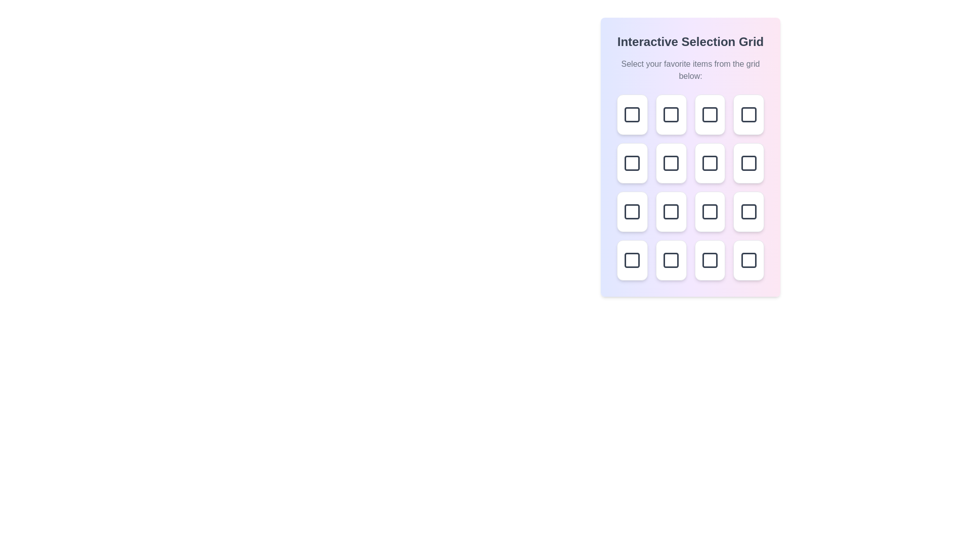 This screenshot has width=971, height=546. What do you see at coordinates (632, 260) in the screenshot?
I see `the small square located in the fourth row and third column of the 4x4 grid layout for interaction` at bounding box center [632, 260].